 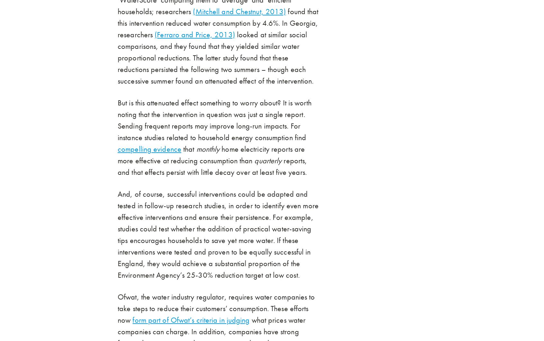 What do you see at coordinates (214, 120) in the screenshot?
I see `'But is this attenuated effect something to worry about? It is worth noting that the intervention in question was just a single report. Sending frequent reports may improve long-run impacts. For instance studies related to household energy consumption find'` at bounding box center [214, 120].